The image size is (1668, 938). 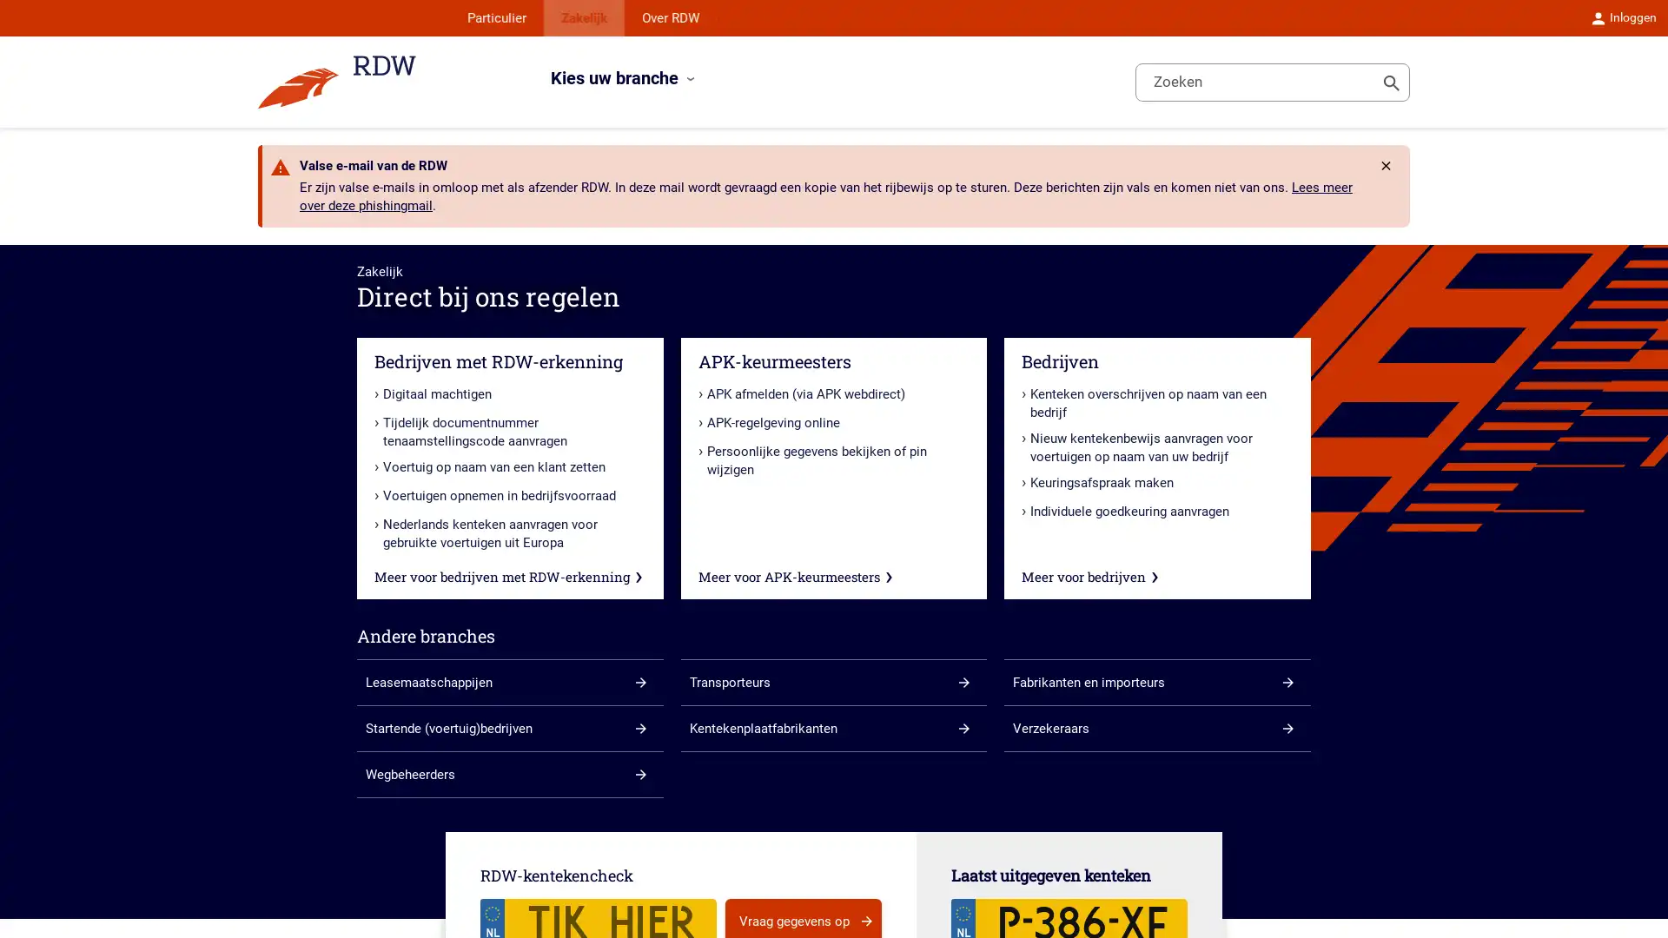 I want to click on Rdw.Feature.Messages.CloseButtonAccessibleName, so click(x=1385, y=166).